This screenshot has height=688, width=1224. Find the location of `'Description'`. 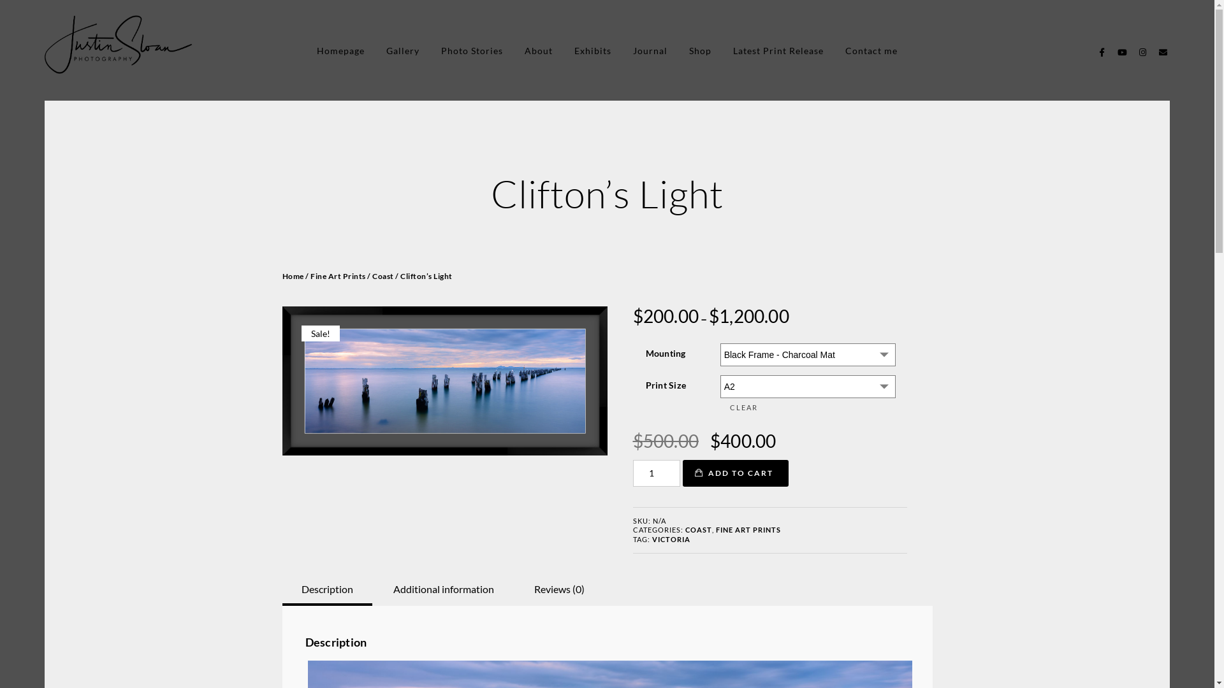

'Description' is located at coordinates (300, 589).